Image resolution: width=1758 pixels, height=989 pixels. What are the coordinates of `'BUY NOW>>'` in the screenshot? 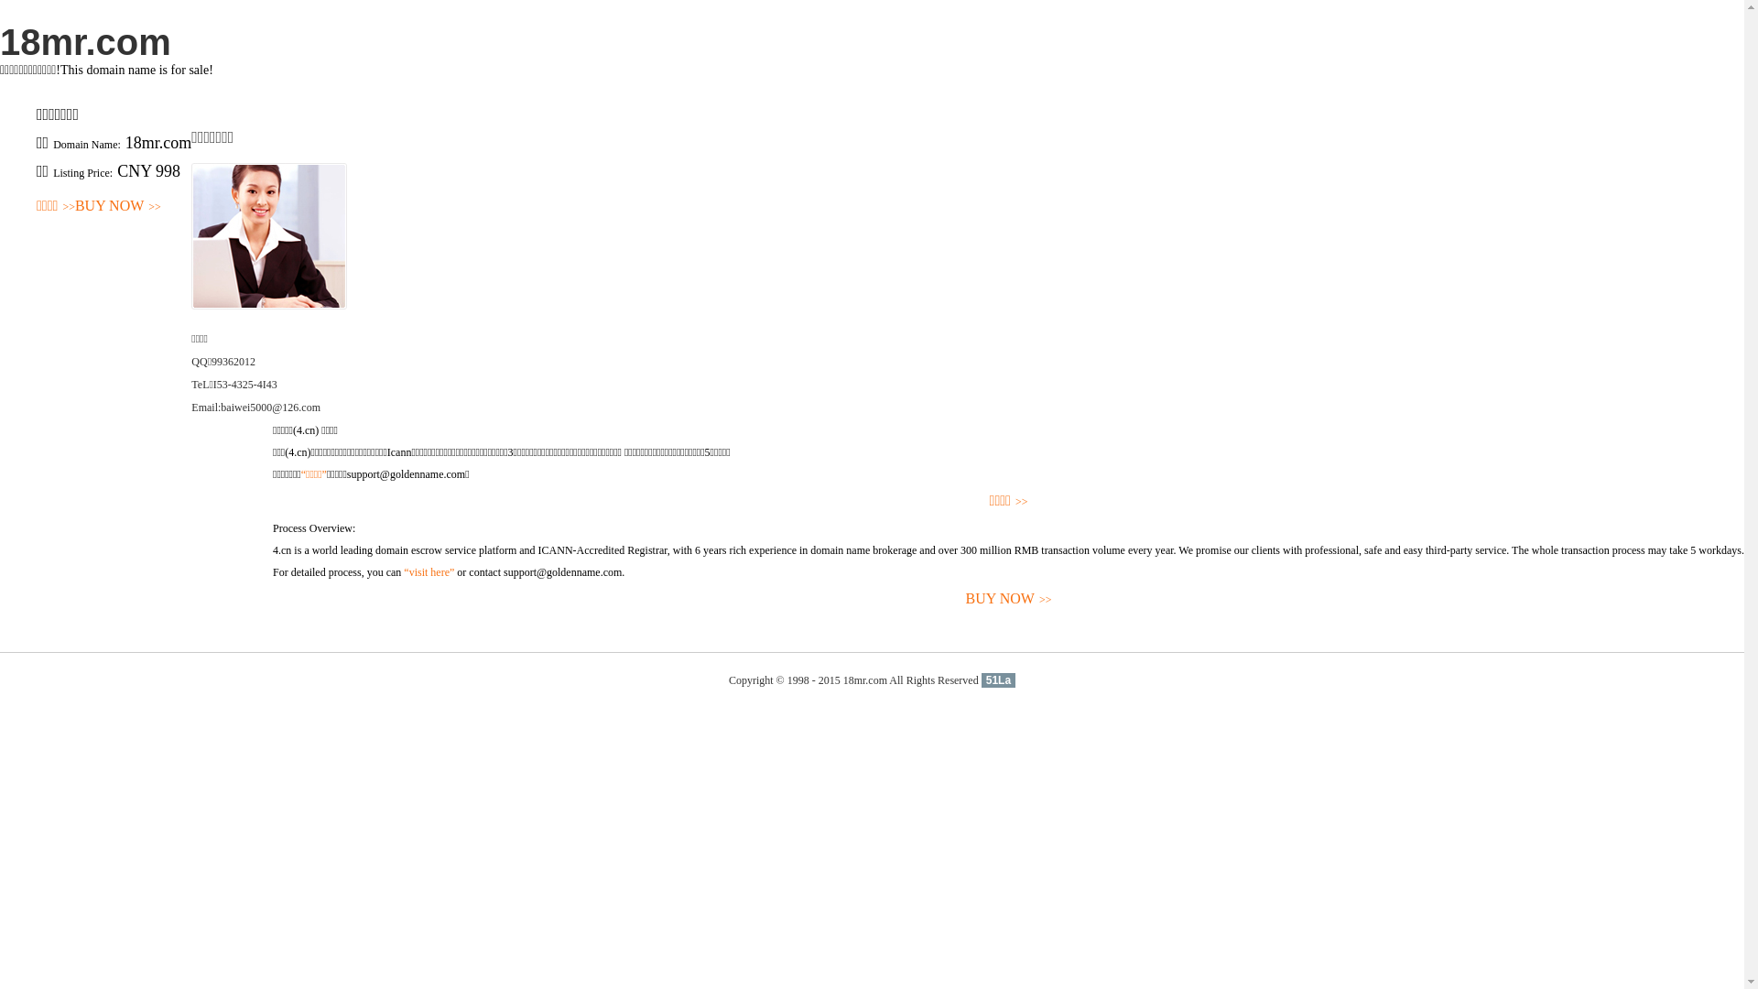 It's located at (271, 599).